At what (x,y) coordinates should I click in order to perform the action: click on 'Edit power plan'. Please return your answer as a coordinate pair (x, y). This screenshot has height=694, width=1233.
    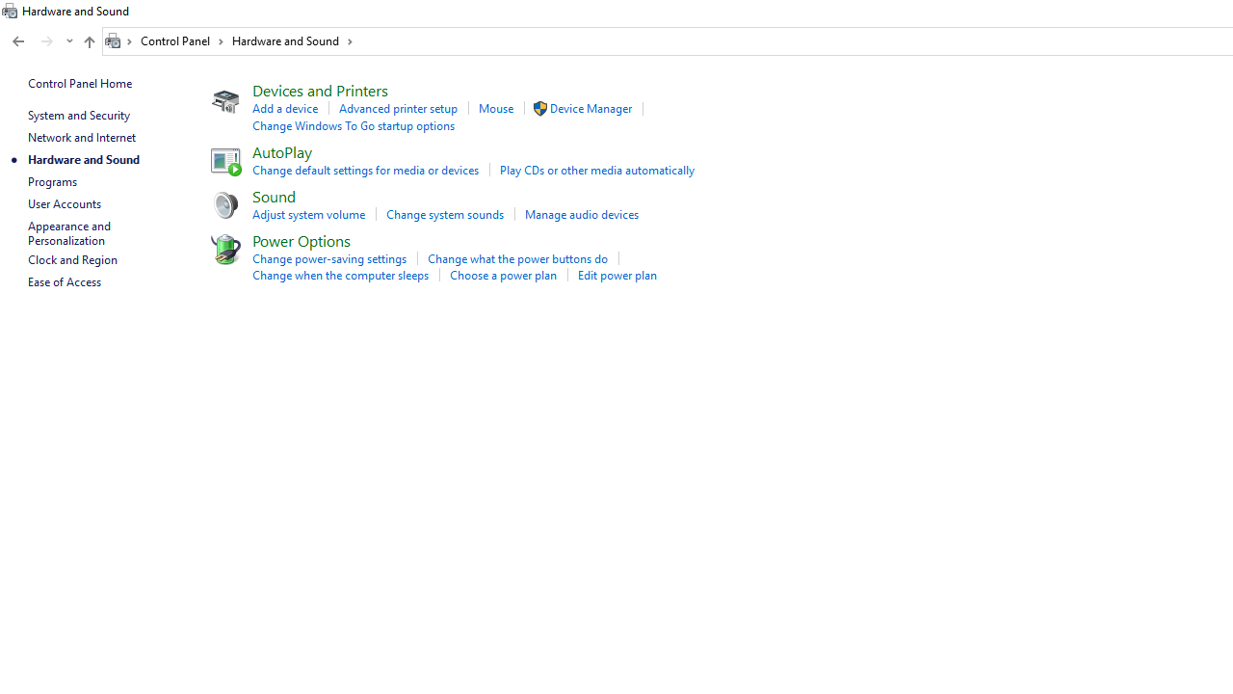
    Looking at the image, I should click on (616, 275).